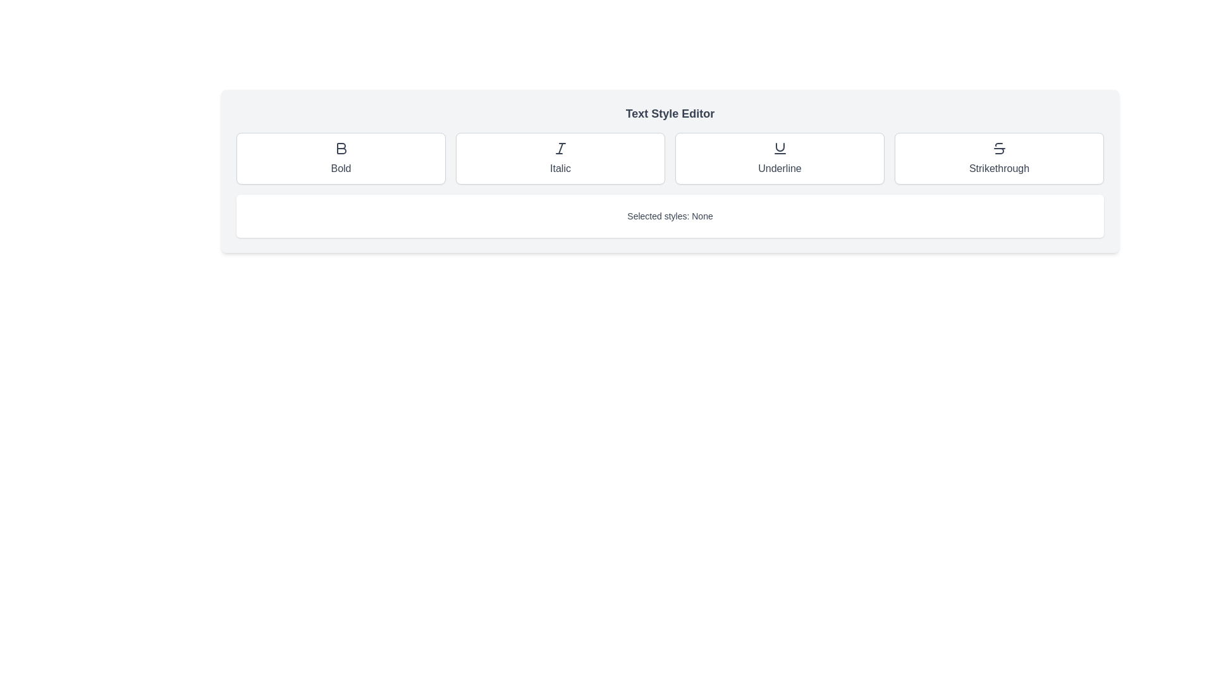 The height and width of the screenshot is (683, 1214). I want to click on the 'Underline' icon in the text editing interface, so click(779, 148).